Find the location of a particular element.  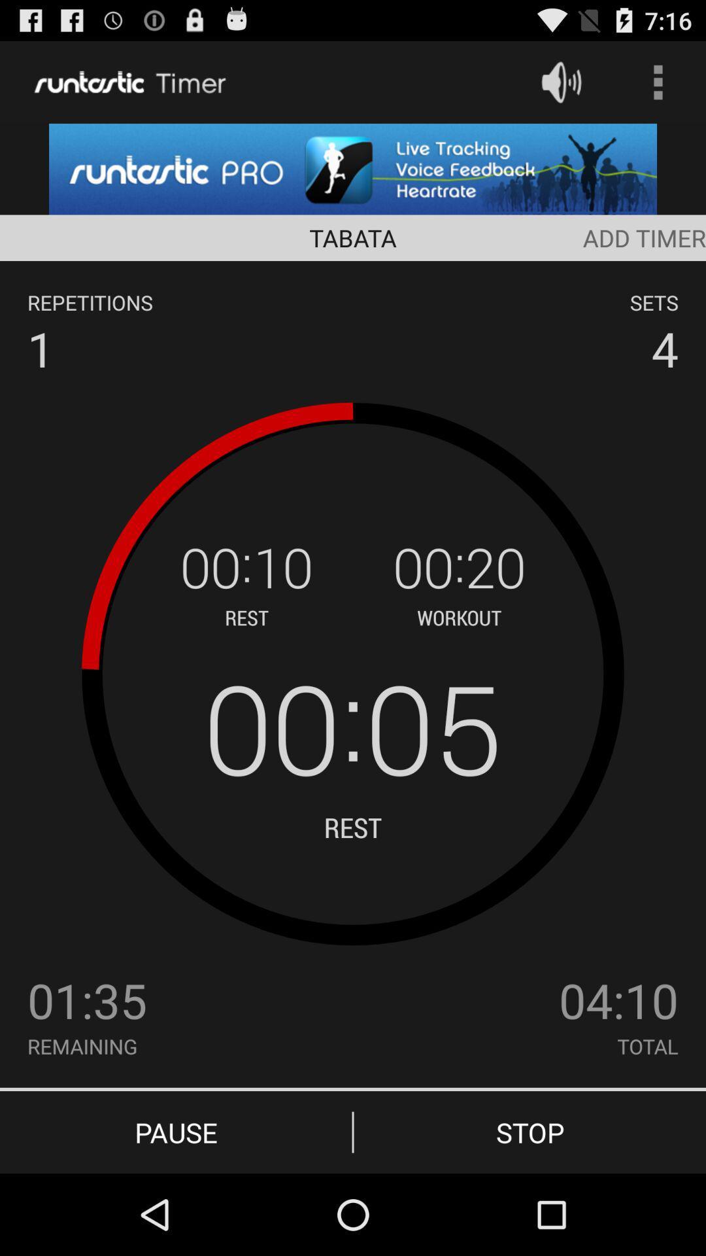

the stop is located at coordinates (529, 1132).